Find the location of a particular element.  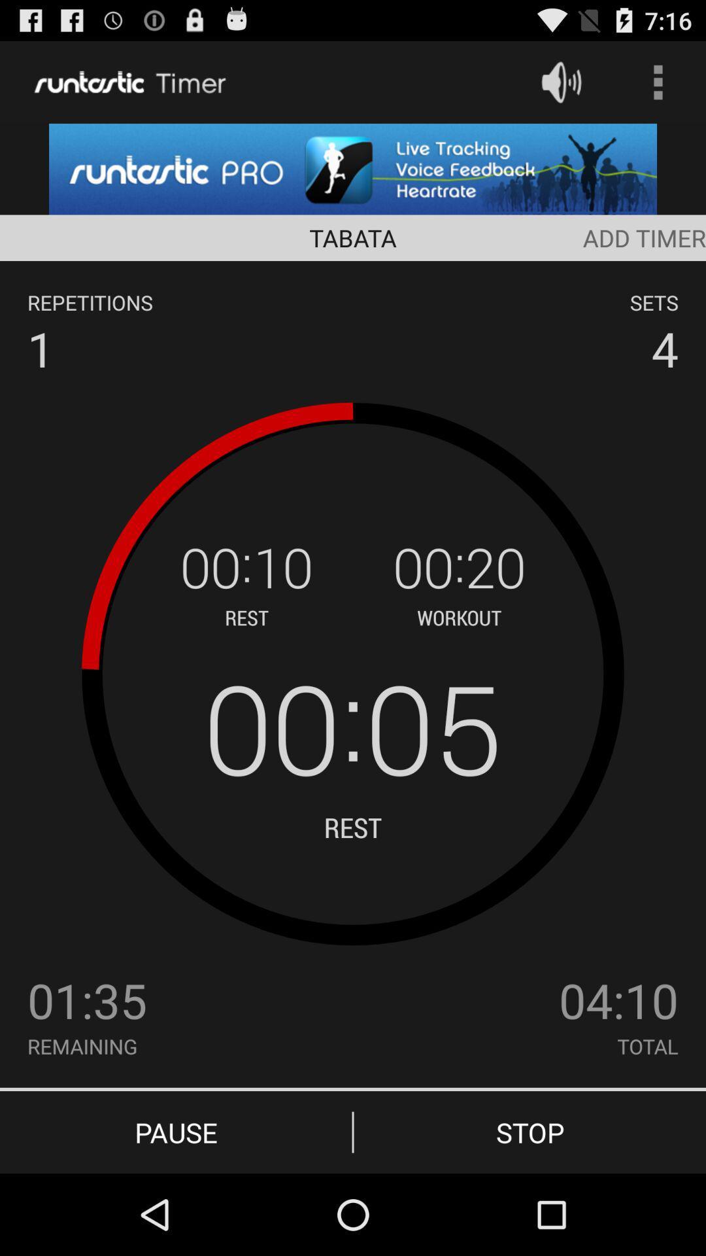

the stop is located at coordinates (529, 1132).